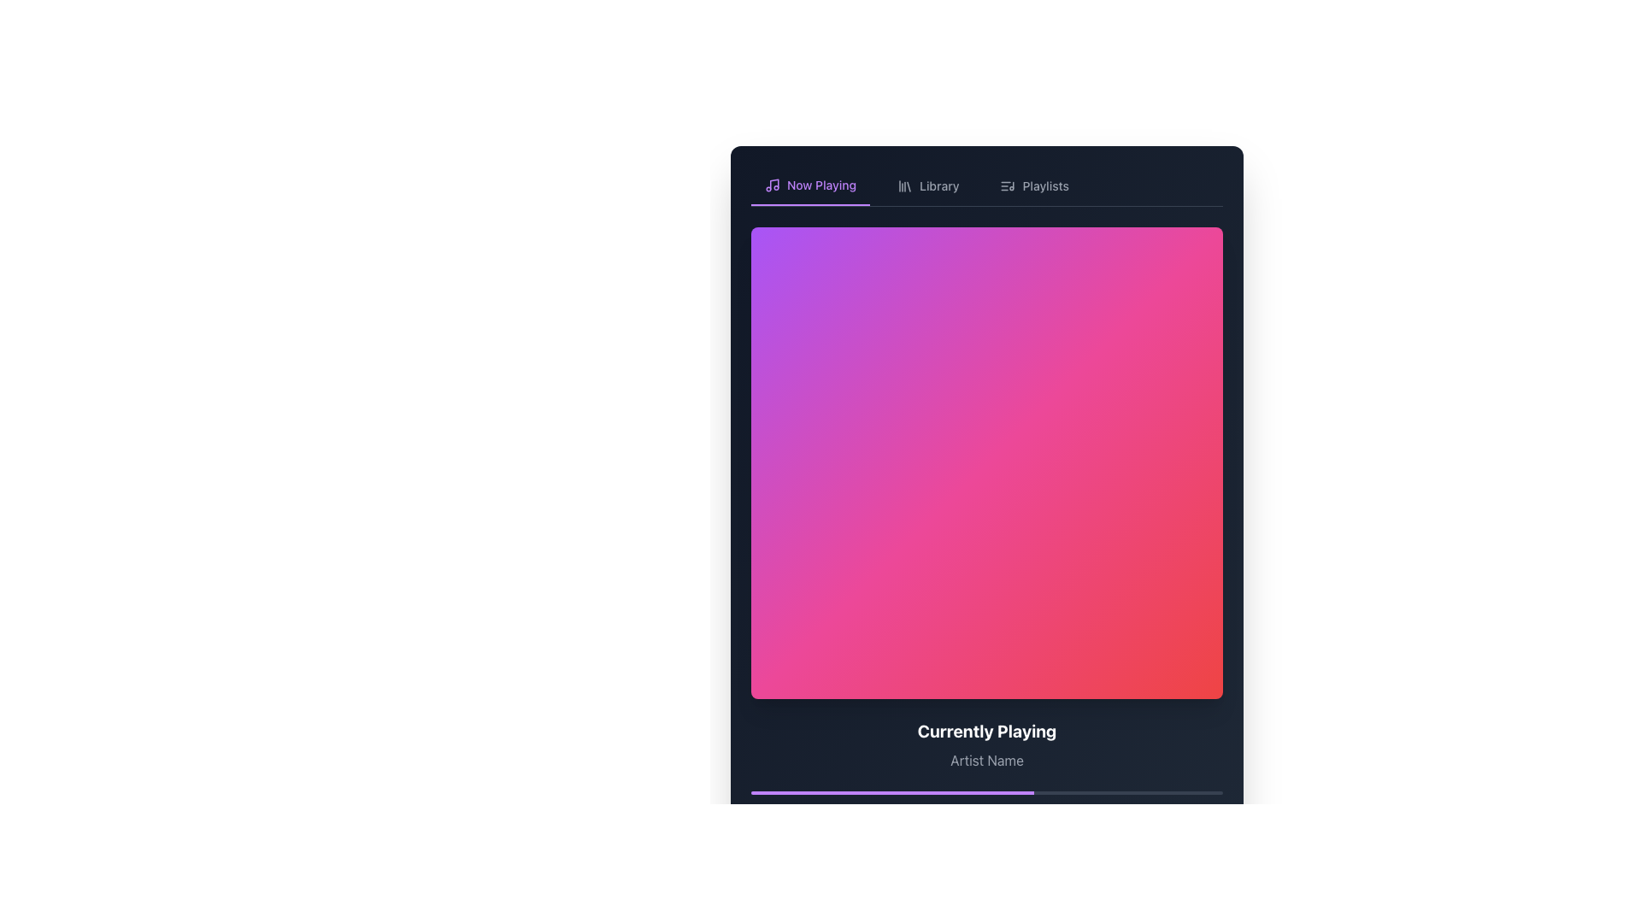  Describe the element at coordinates (1008, 186) in the screenshot. I see `the 'Playlists' icon located in the top-central section of the interface, which is positioned to the left of the text label that reads 'Playlists'` at that location.